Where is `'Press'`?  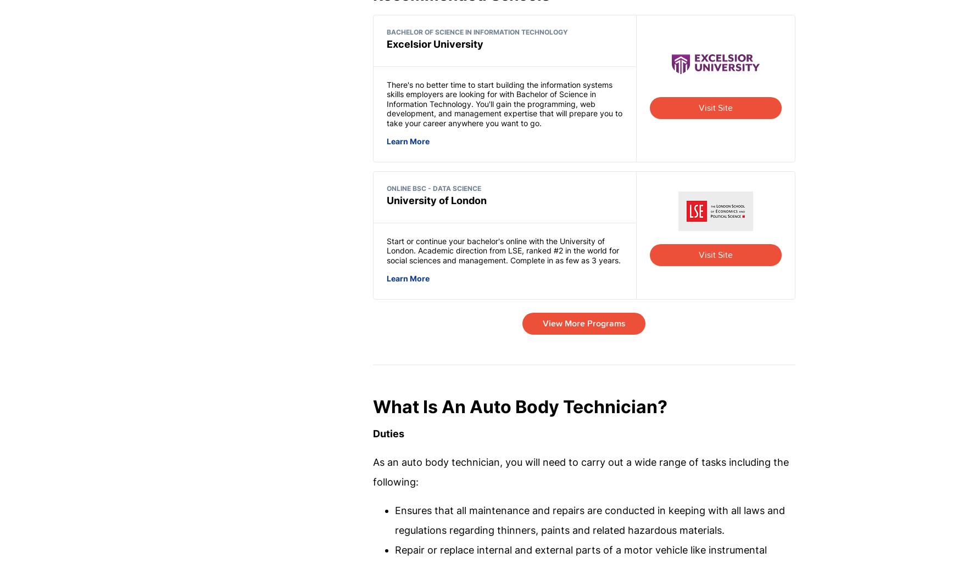
'Press' is located at coordinates (581, 453).